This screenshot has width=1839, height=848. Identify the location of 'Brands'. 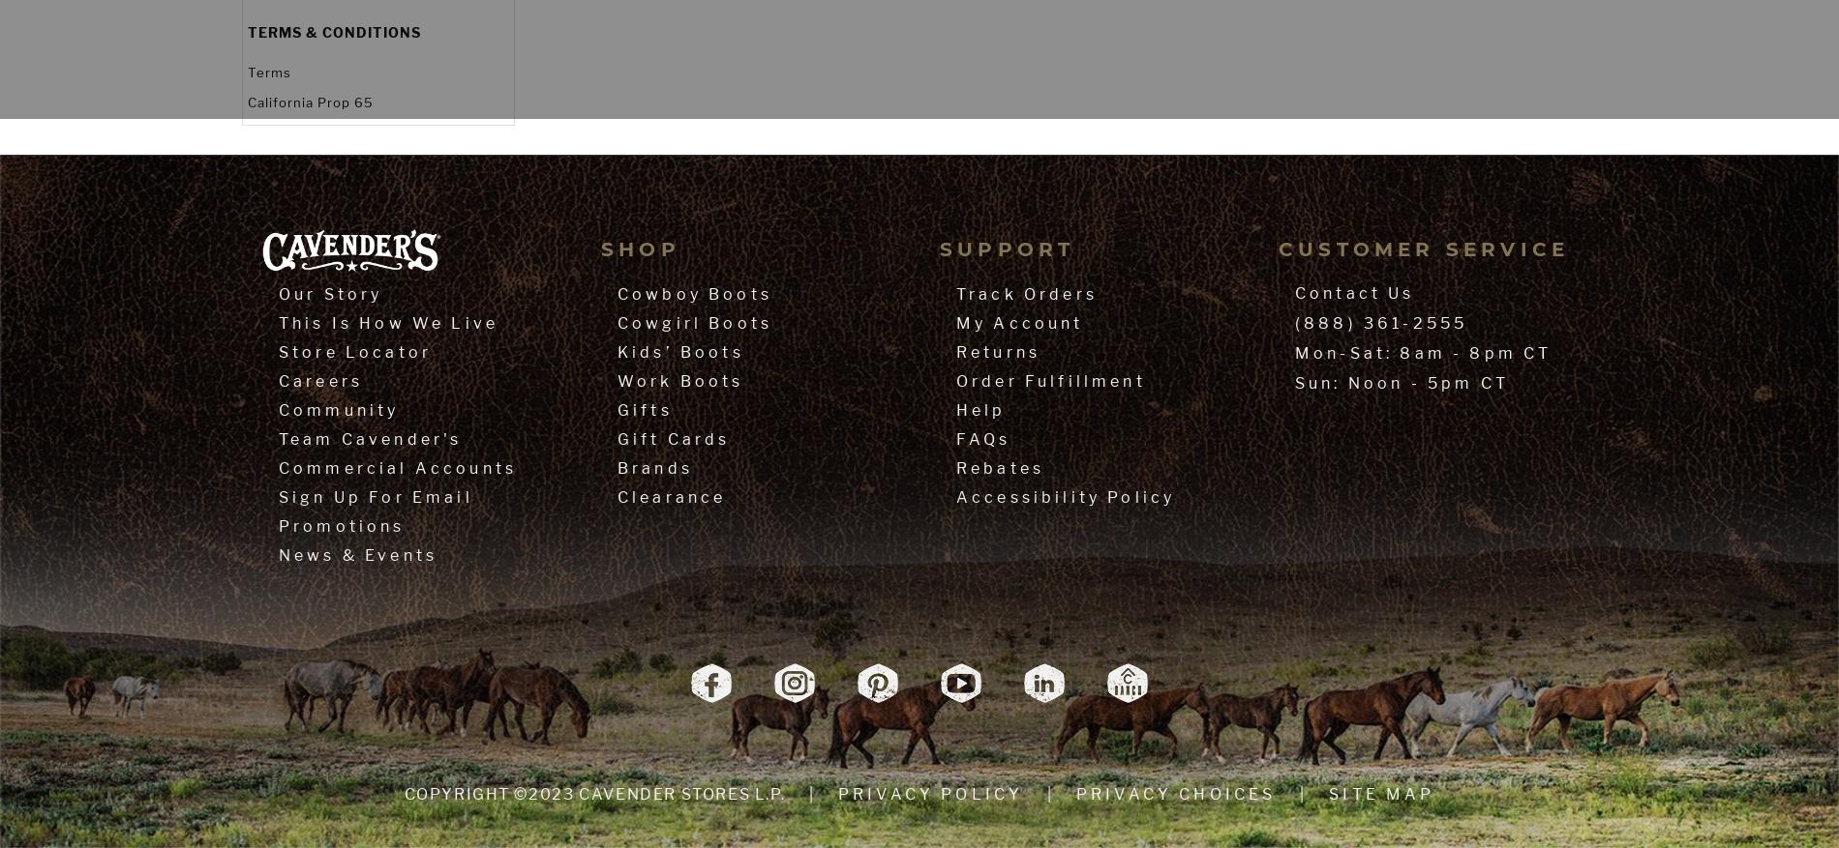
(618, 468).